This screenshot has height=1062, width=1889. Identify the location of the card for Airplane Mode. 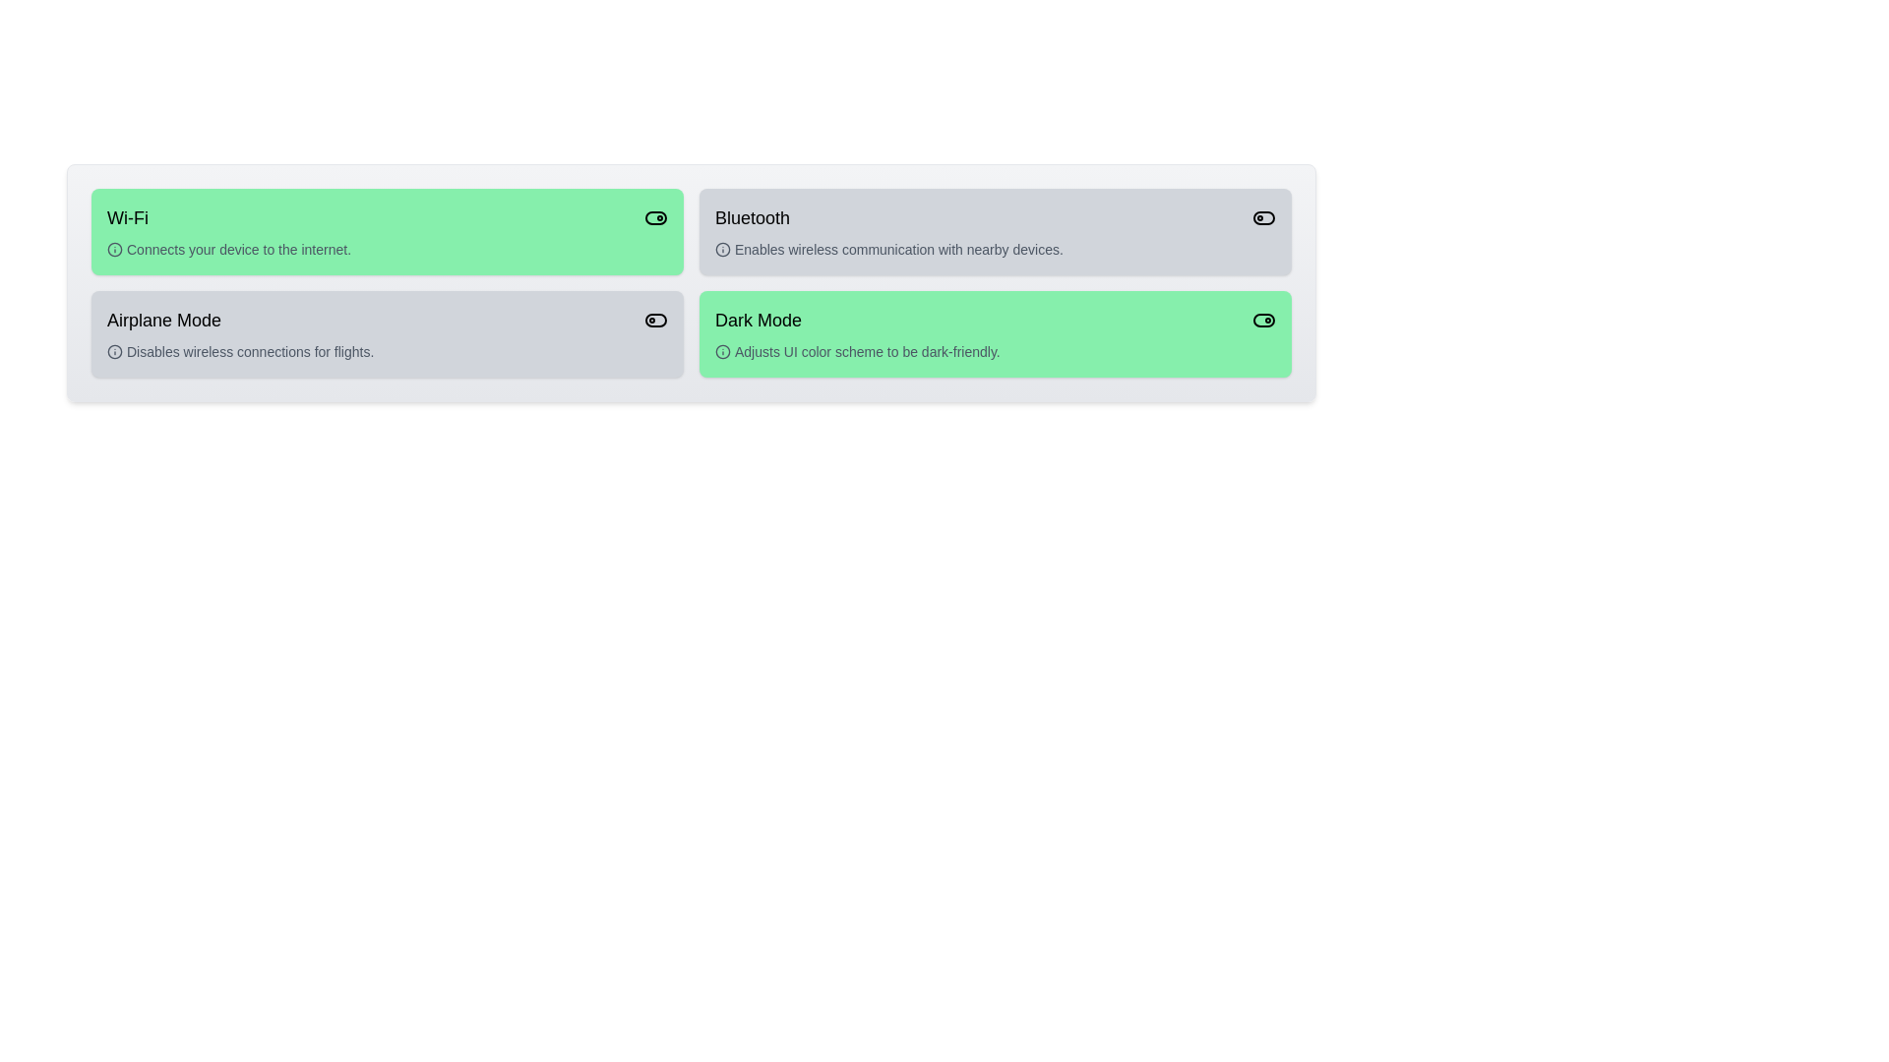
(387, 332).